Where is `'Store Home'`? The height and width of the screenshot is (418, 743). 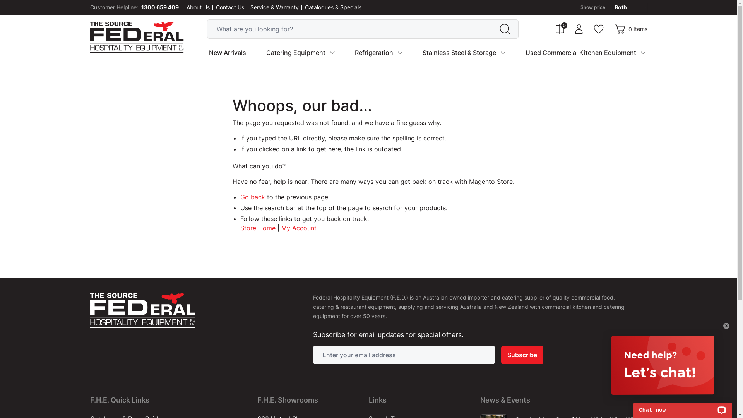 'Store Home' is located at coordinates (257, 228).